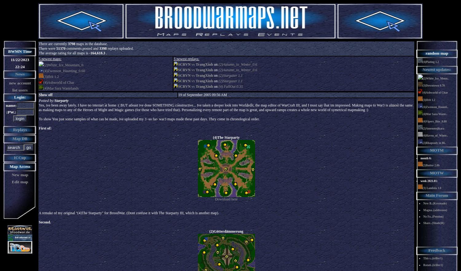  I want to click on 'list users', so click(19, 90).